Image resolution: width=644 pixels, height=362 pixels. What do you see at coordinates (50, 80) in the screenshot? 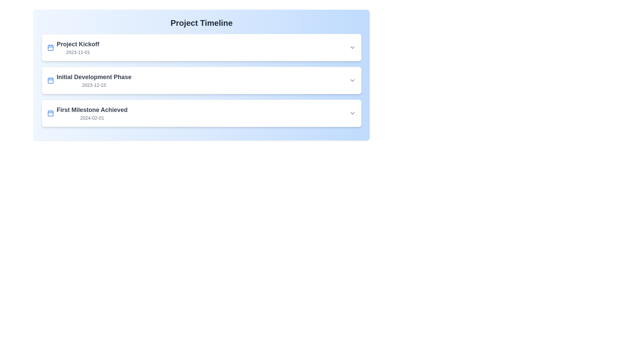
I see `the decorative rectangular element within the calendar icon, which is positioned before the text 'Initial Development Phase' in the second row of the list` at bounding box center [50, 80].